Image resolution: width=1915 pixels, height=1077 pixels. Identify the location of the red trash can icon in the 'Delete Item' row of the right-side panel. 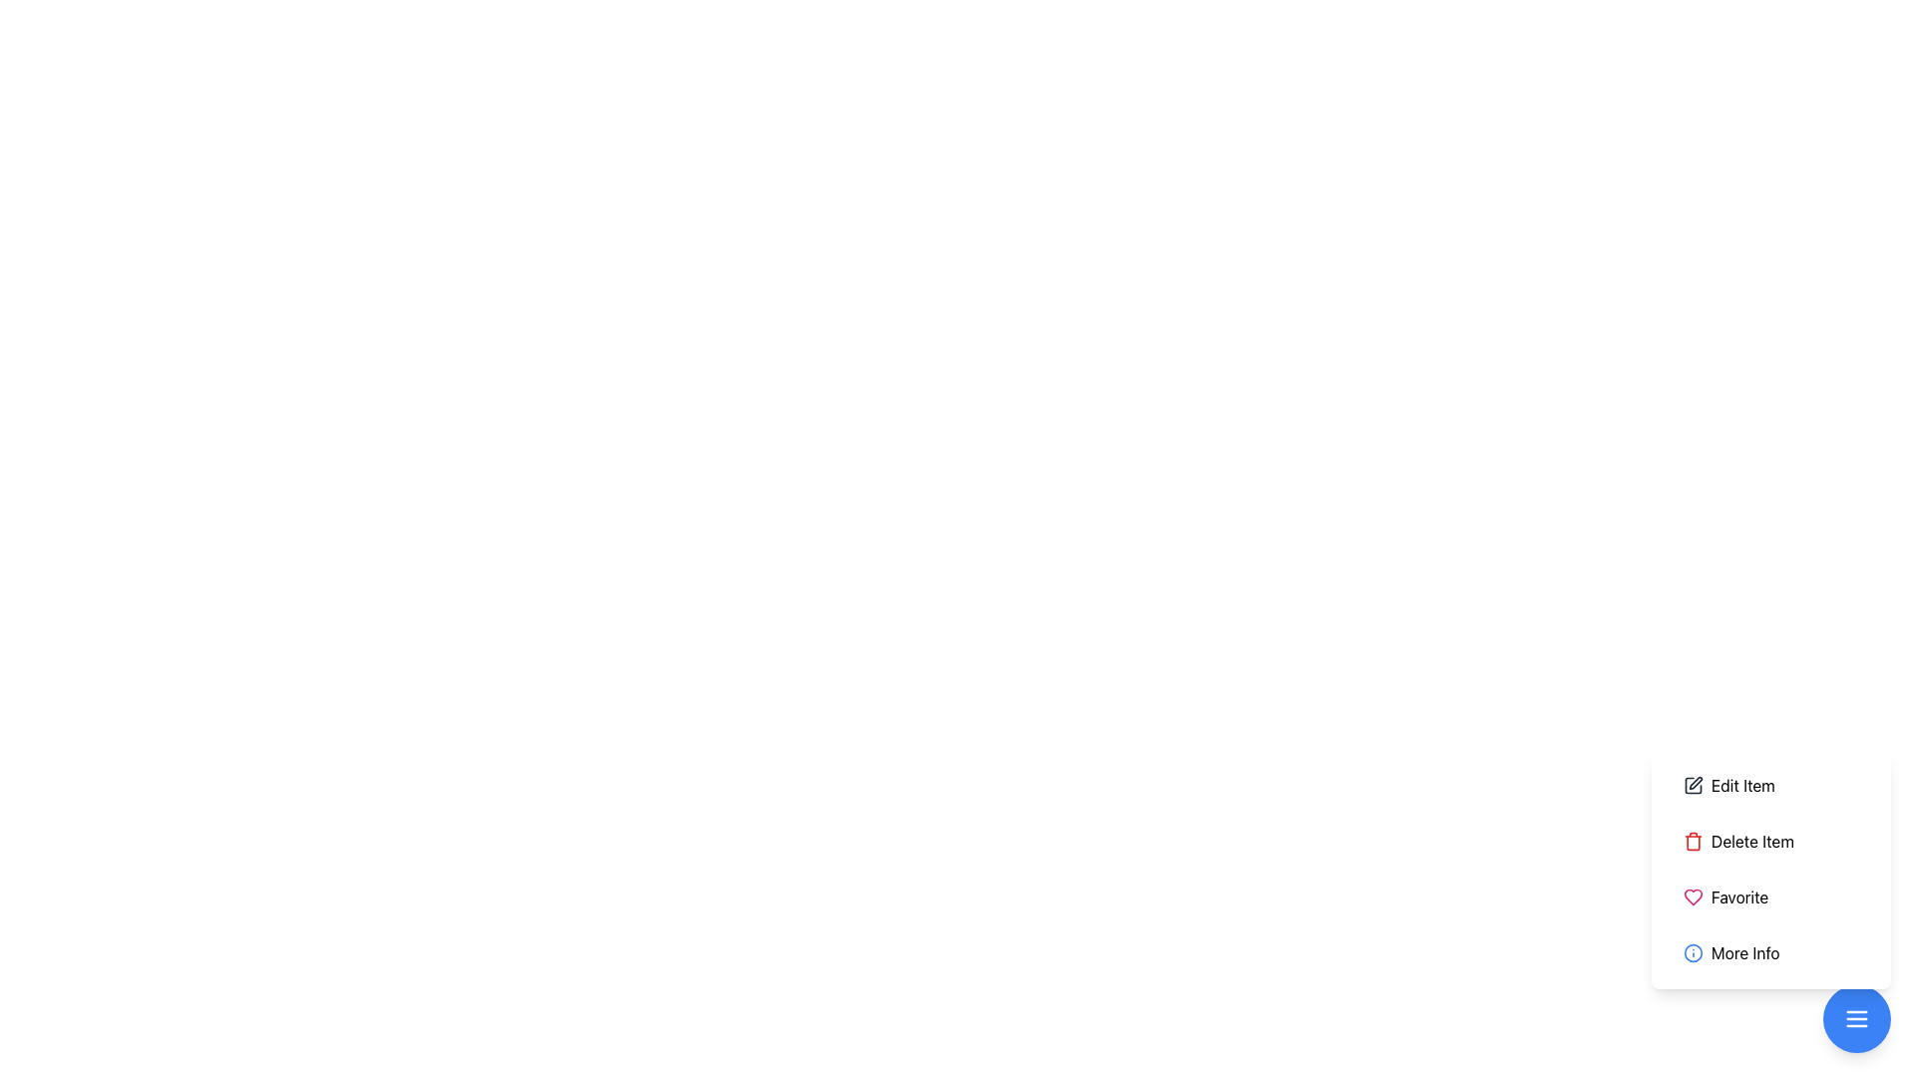
(1693, 842).